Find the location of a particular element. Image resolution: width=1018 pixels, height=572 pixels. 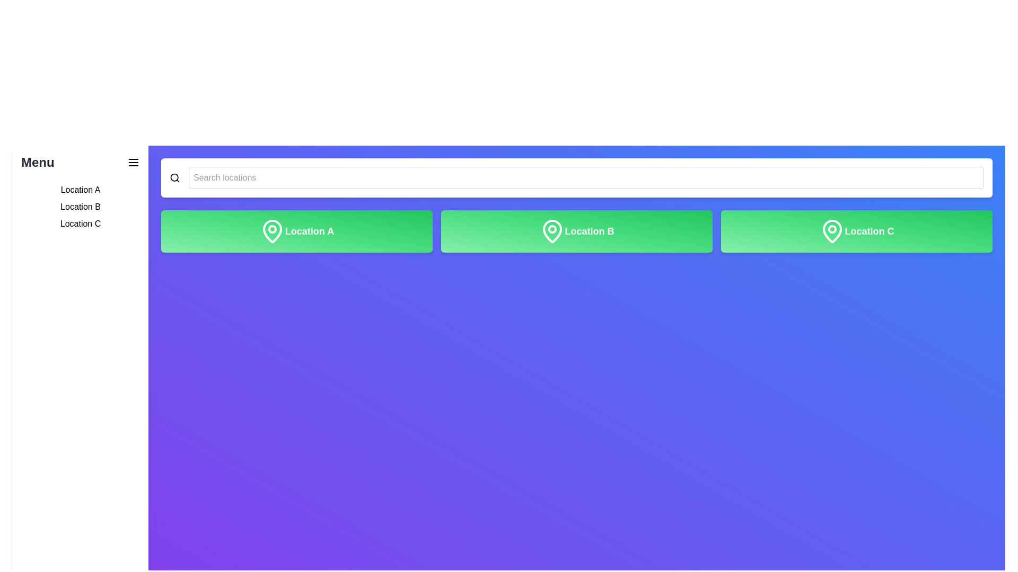

the 'Location A' text label in the left sidebar is located at coordinates (80, 189).